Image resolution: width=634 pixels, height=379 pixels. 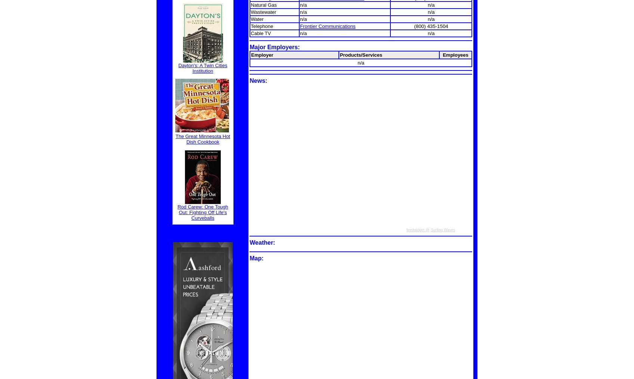 What do you see at coordinates (431, 26) in the screenshot?
I see `'(800) 435-1504'` at bounding box center [431, 26].